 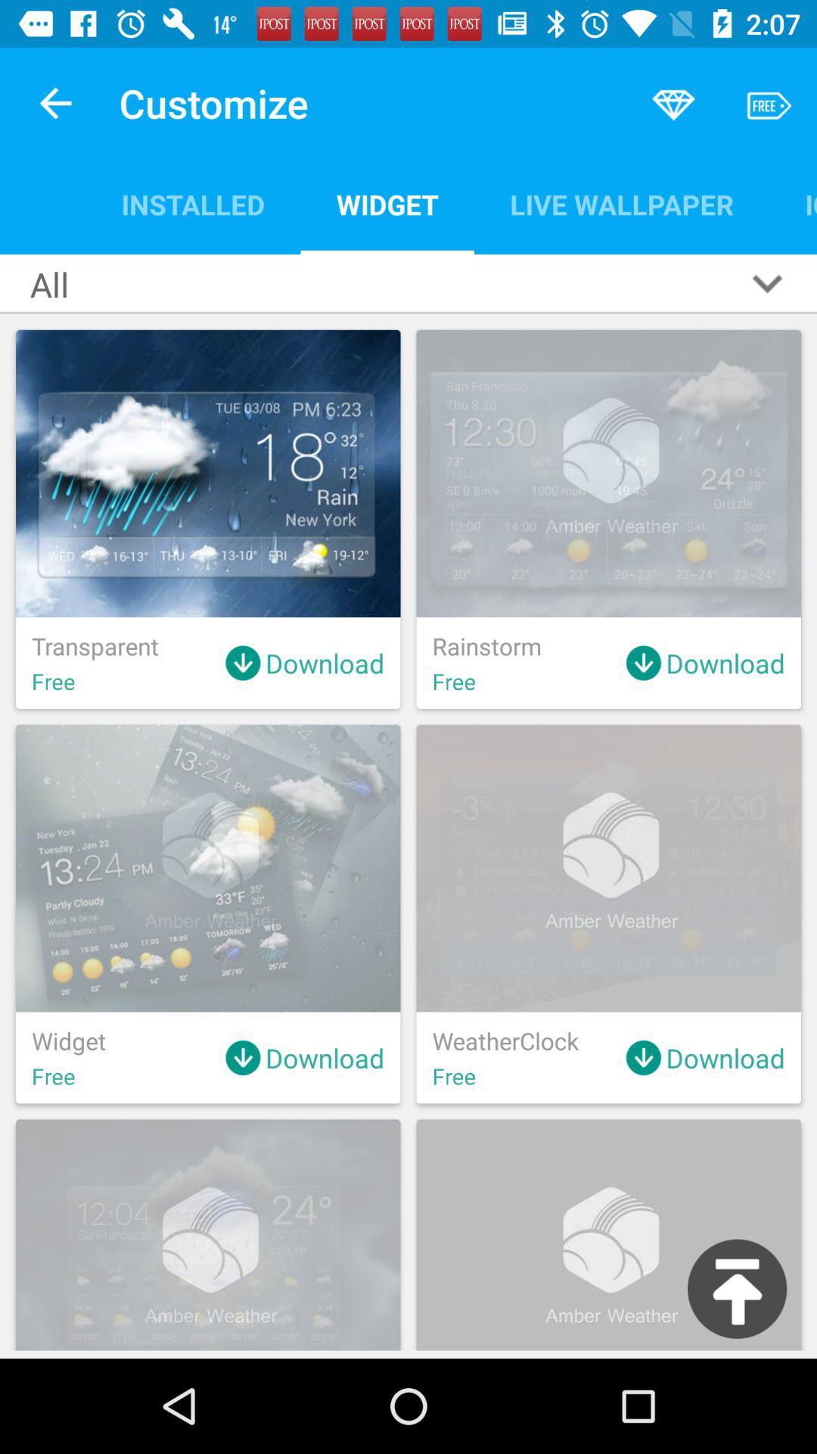 I want to click on app to the left of customize item, so click(x=54, y=102).